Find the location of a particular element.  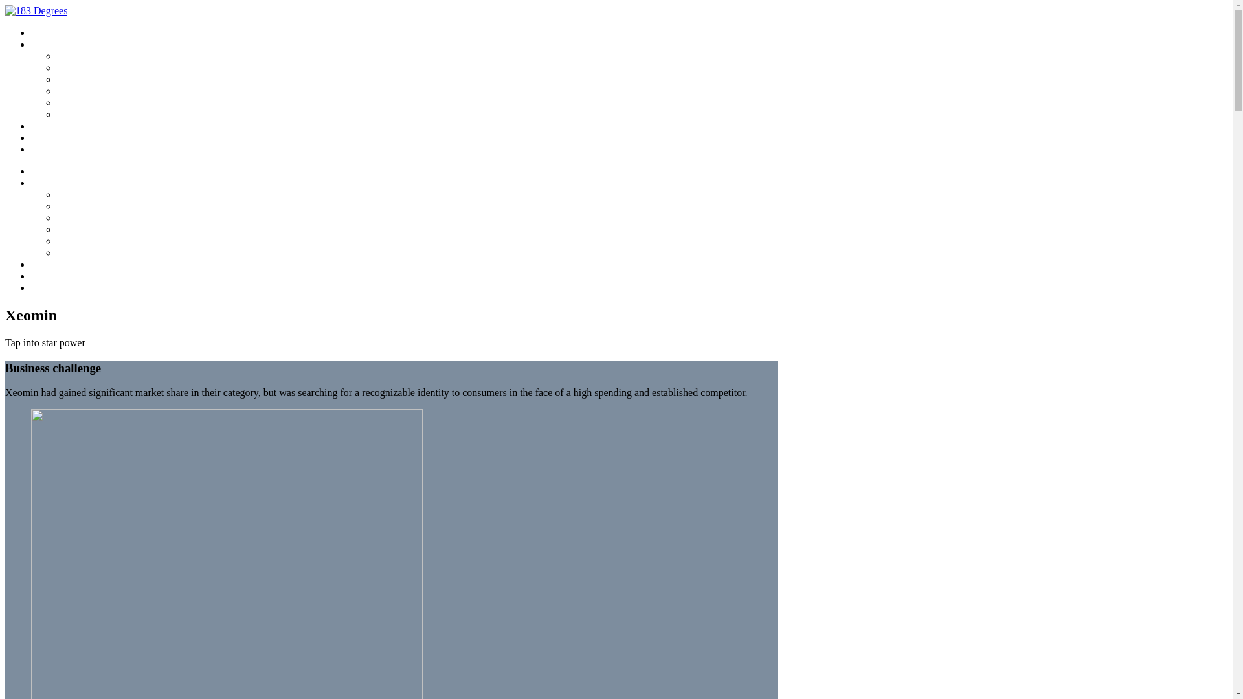

'Featured Projects' is located at coordinates (64, 183).